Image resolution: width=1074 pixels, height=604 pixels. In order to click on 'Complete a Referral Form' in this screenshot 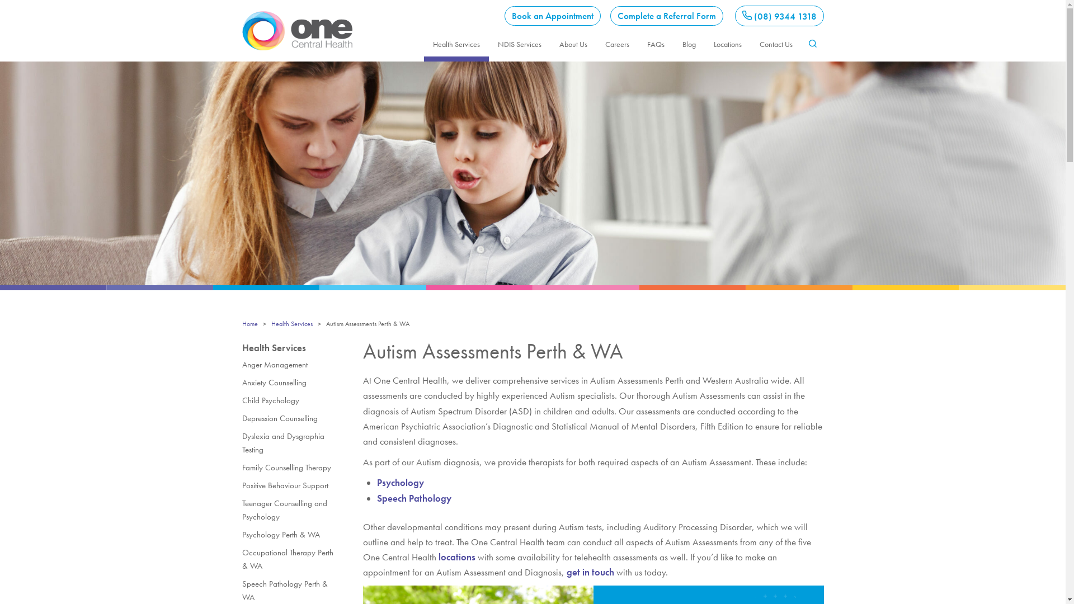, I will do `click(609, 16)`.